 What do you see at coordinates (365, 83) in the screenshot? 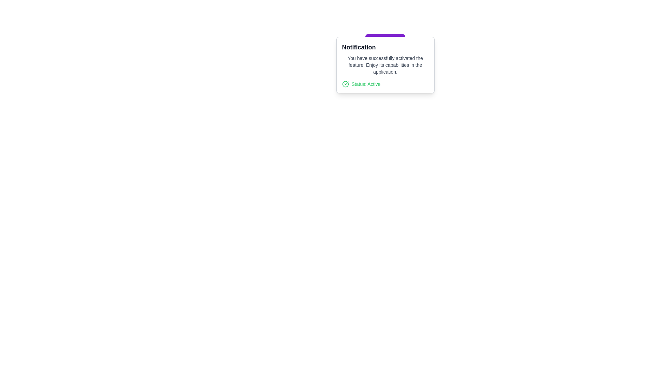
I see `the 'Status: Active' static label displayed in green font, located next to a green check mark icon in the bottom-left section of the notification card` at bounding box center [365, 83].